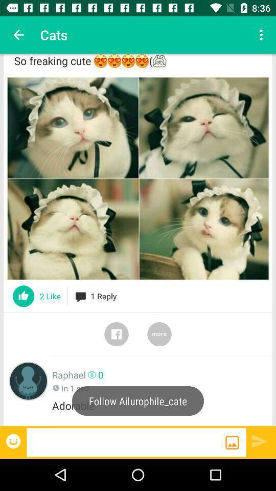 This screenshot has width=276, height=491. Describe the element at coordinates (232, 442) in the screenshot. I see `insert image` at that location.